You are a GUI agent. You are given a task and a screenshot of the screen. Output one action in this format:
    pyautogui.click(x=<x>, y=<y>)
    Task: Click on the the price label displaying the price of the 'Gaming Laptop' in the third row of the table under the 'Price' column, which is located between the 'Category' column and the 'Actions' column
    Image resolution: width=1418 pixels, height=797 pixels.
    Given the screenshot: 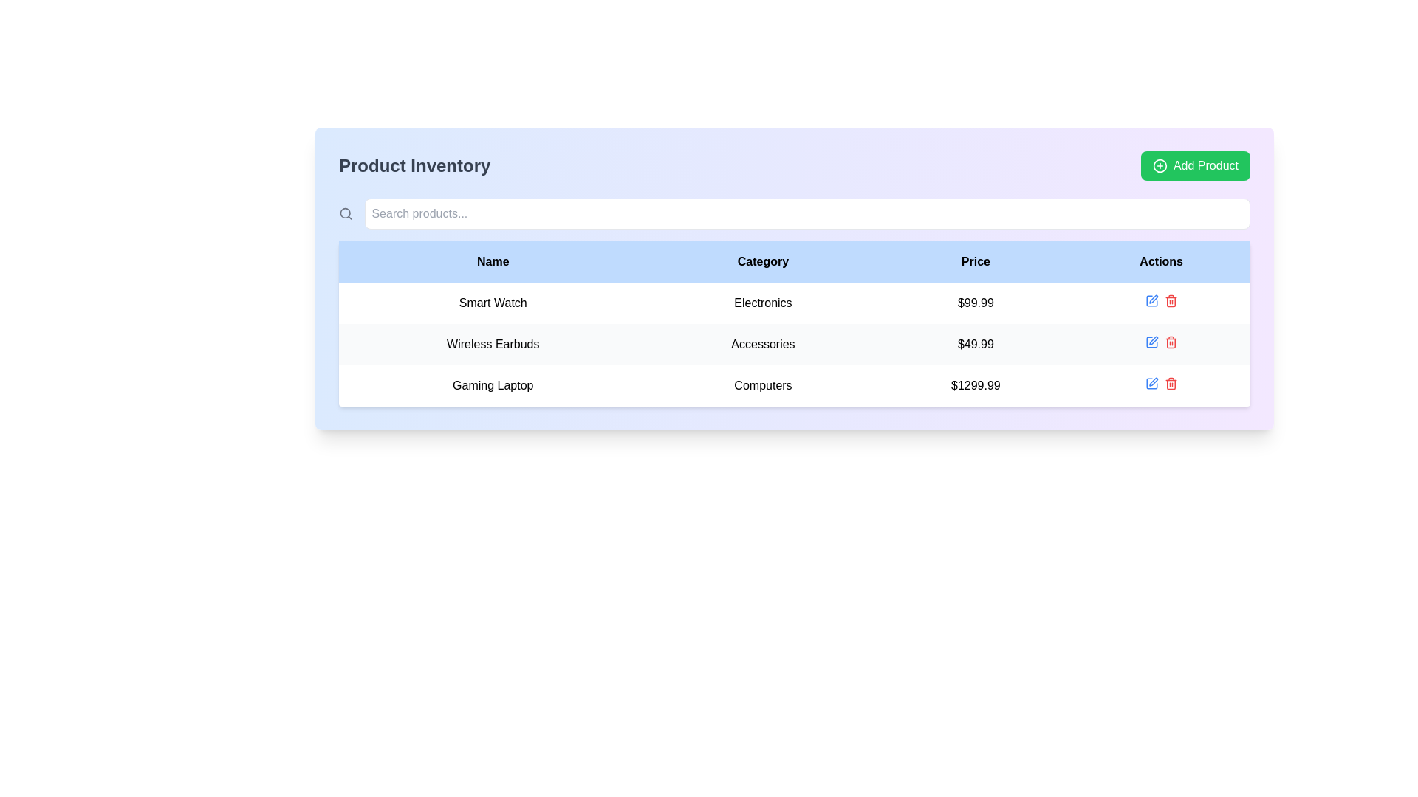 What is the action you would take?
    pyautogui.click(x=976, y=385)
    